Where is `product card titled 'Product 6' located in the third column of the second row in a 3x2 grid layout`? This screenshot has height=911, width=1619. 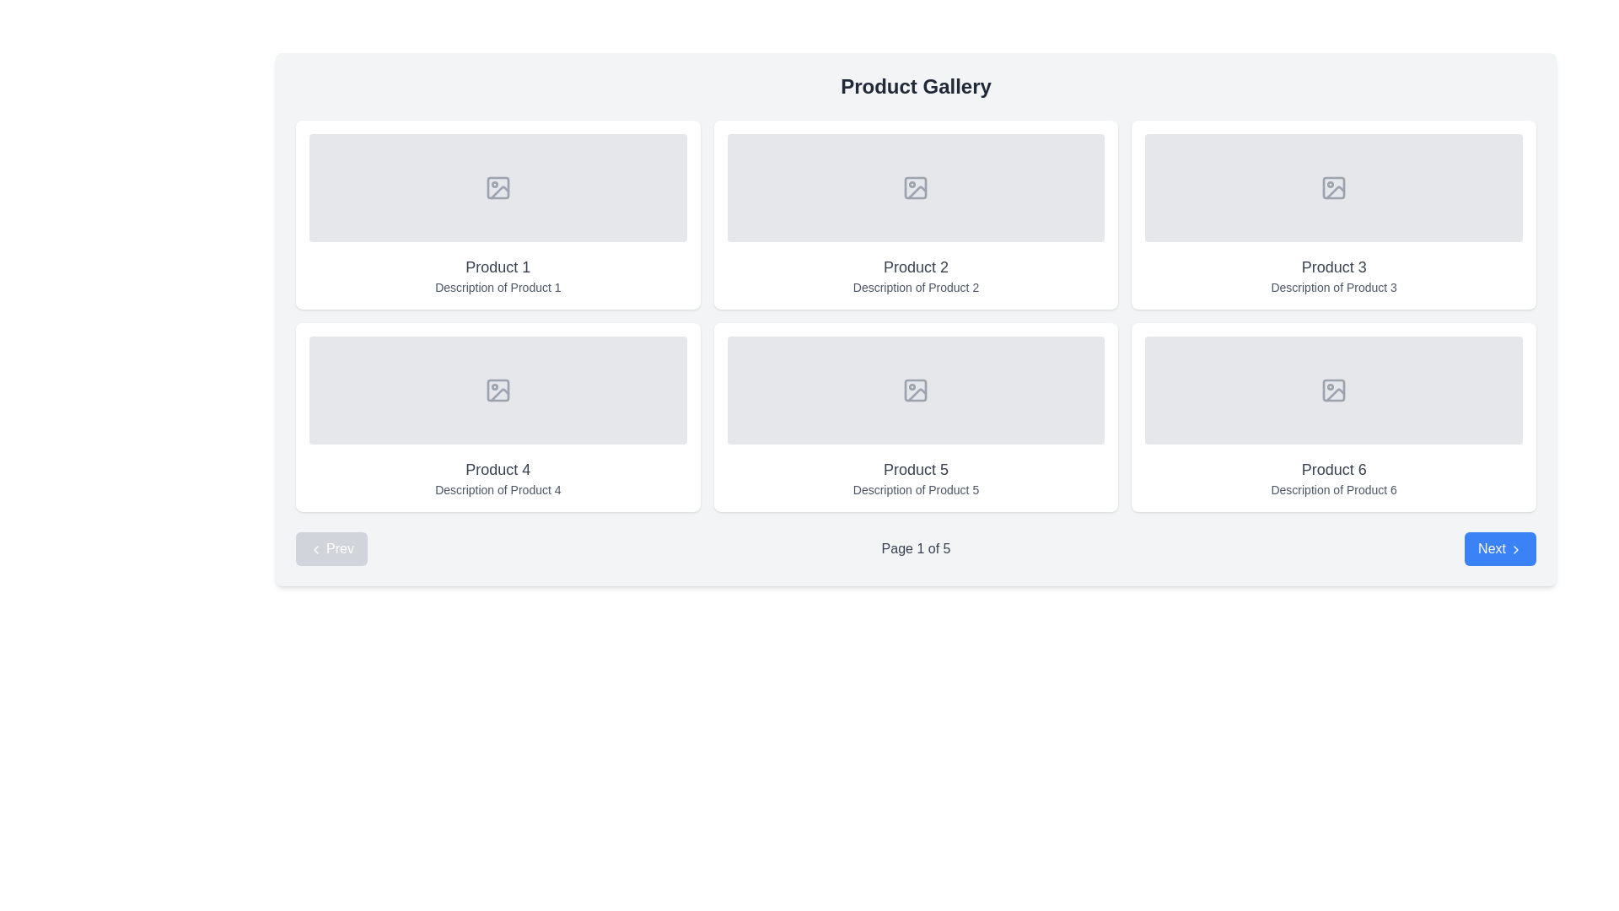 product card titled 'Product 6' located in the third column of the second row in a 3x2 grid layout is located at coordinates (1333, 417).